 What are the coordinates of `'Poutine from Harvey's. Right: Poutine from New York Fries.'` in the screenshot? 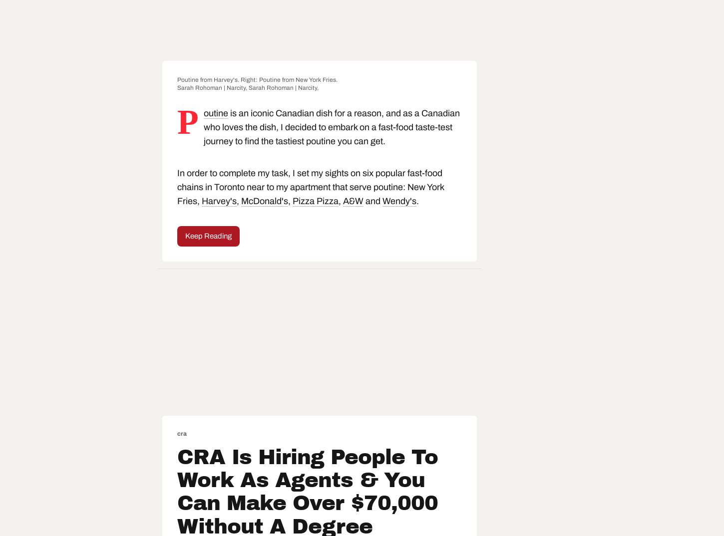 It's located at (257, 78).